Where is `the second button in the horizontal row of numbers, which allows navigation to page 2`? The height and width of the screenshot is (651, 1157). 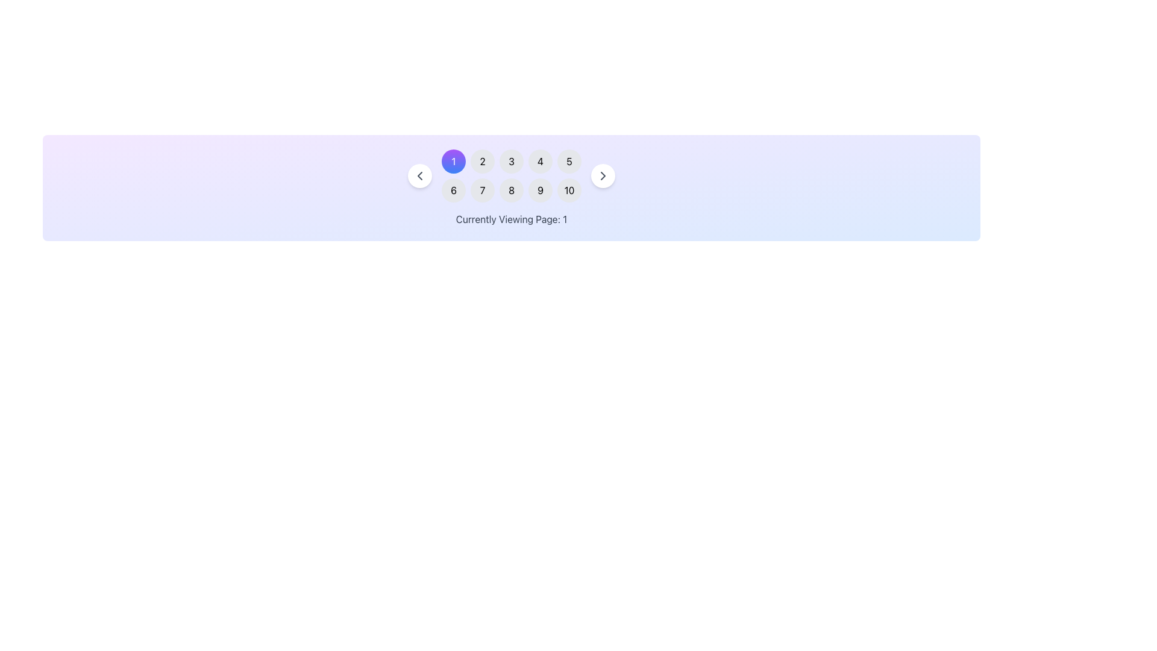 the second button in the horizontal row of numbers, which allows navigation to page 2 is located at coordinates (483, 160).